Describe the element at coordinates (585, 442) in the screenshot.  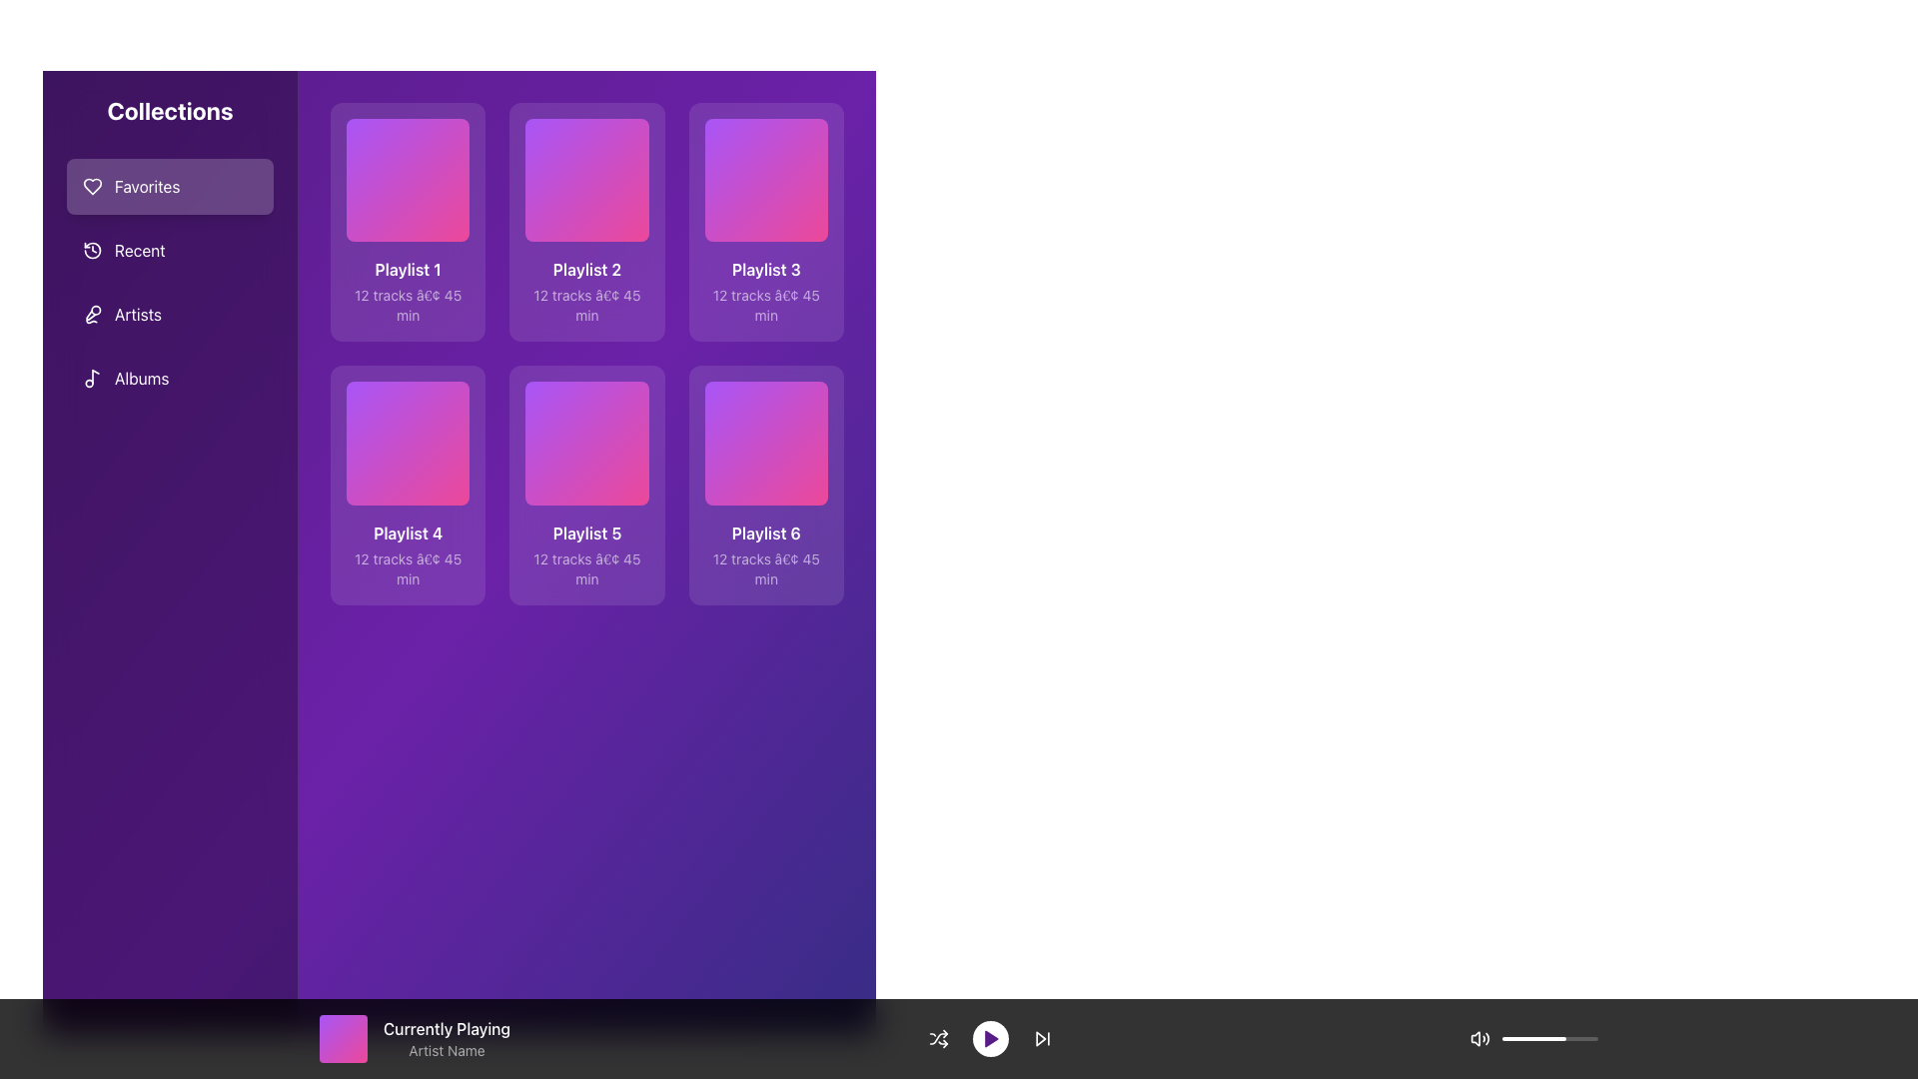
I see `the image placeholder representing a playlist item located in the second row and second column of the grid layout` at that location.